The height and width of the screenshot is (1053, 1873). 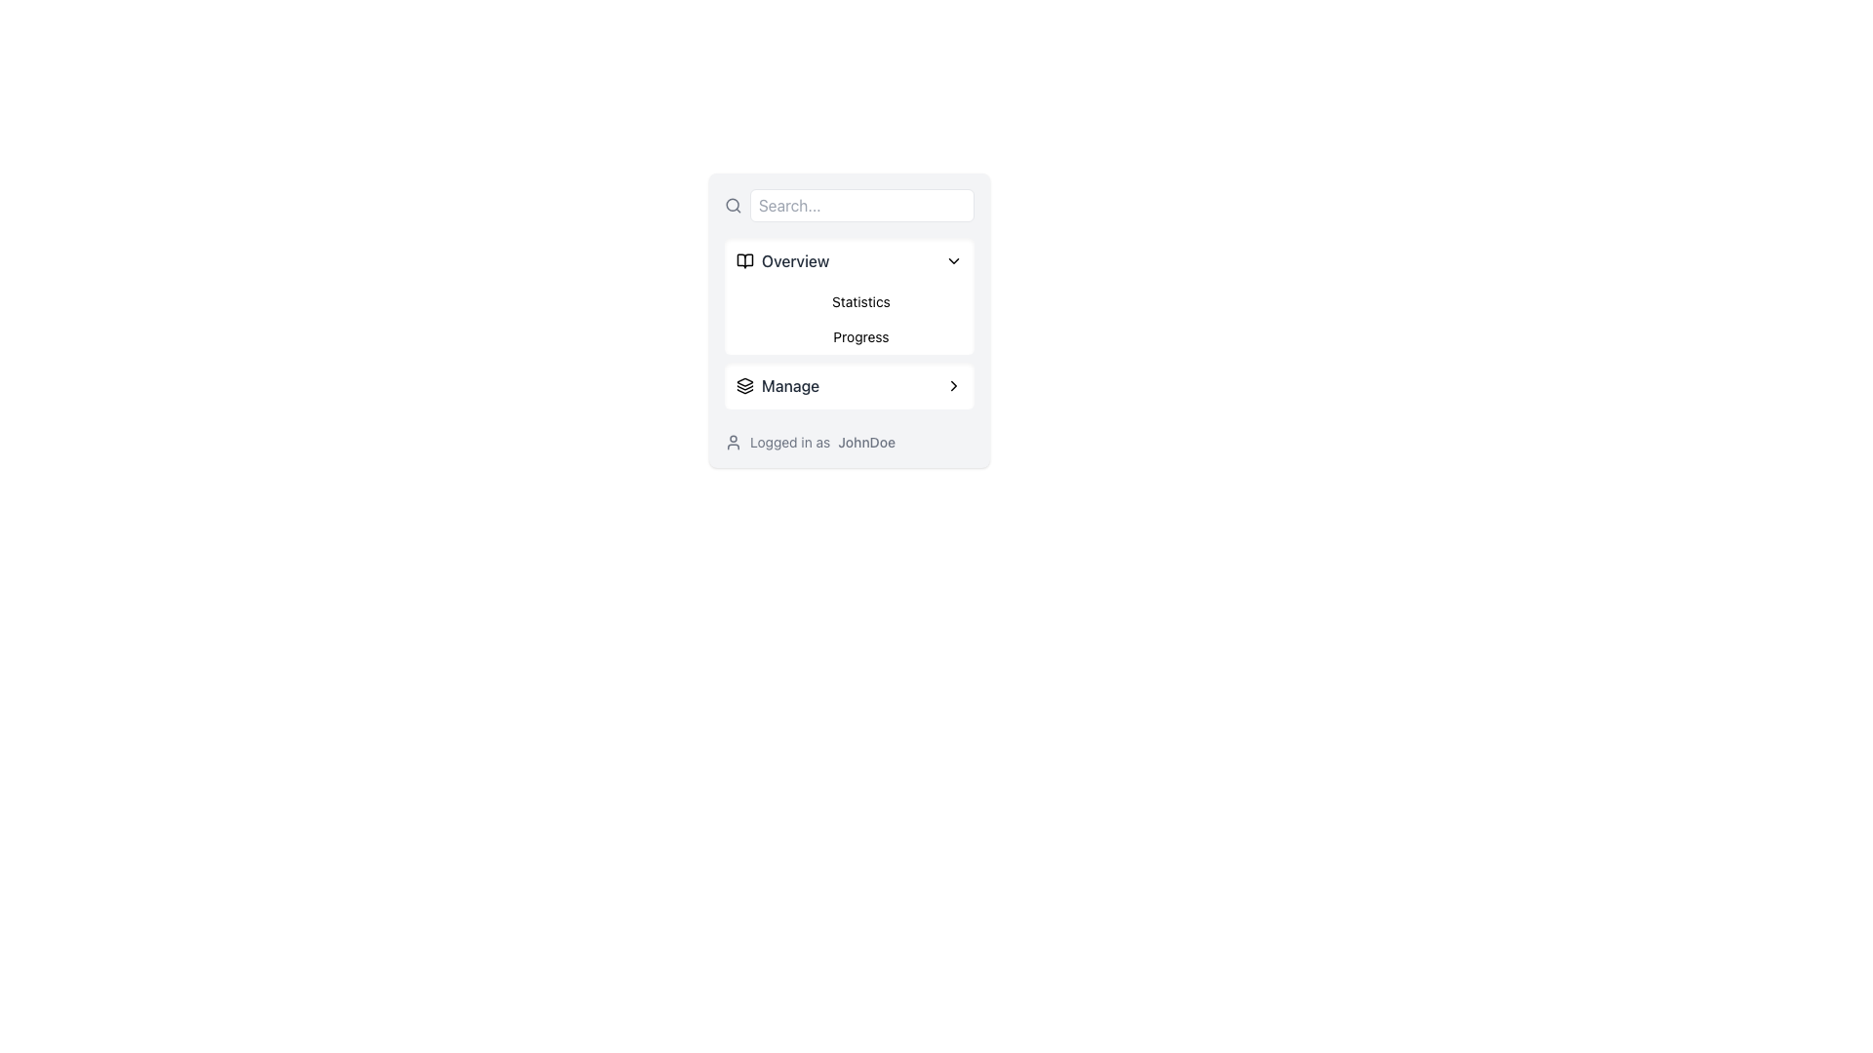 What do you see at coordinates (743, 259) in the screenshot?
I see `the 'Overview' icon, which is the first element in a horizontal cluster located near the top-left corner of the application interface` at bounding box center [743, 259].